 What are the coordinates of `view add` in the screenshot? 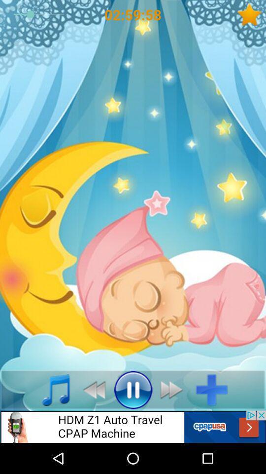 It's located at (133, 426).